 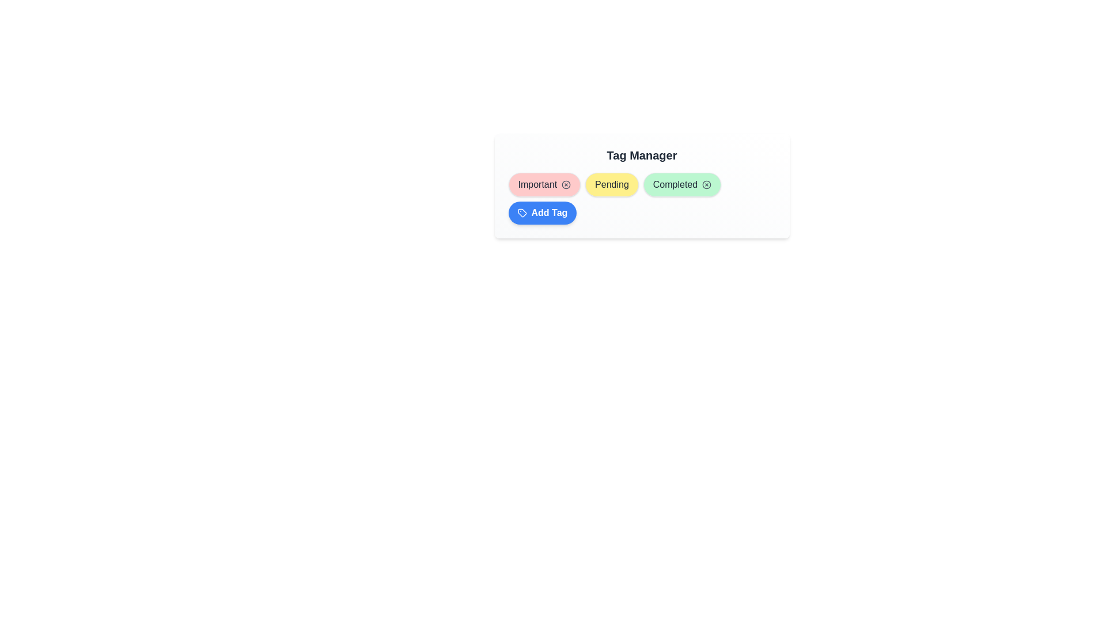 What do you see at coordinates (541, 213) in the screenshot?
I see `the 'Add Tag' button to create a new tag` at bounding box center [541, 213].